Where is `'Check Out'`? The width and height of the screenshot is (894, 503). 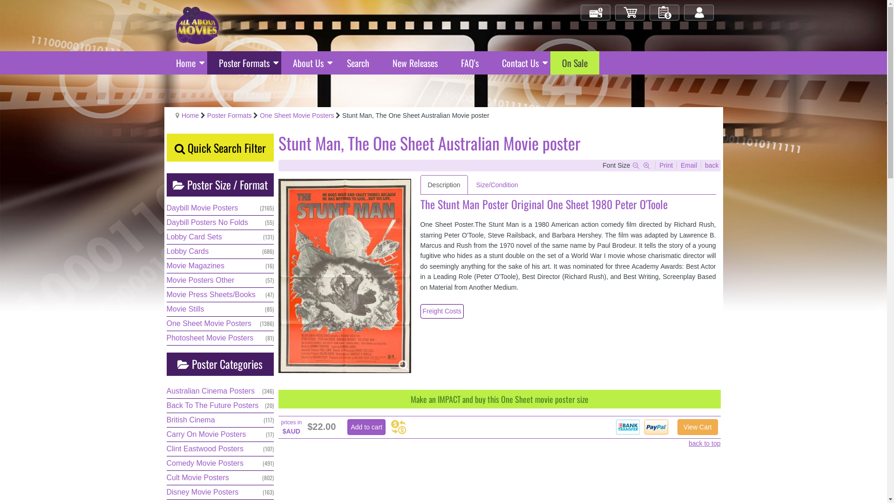
'Check Out' is located at coordinates (596, 13).